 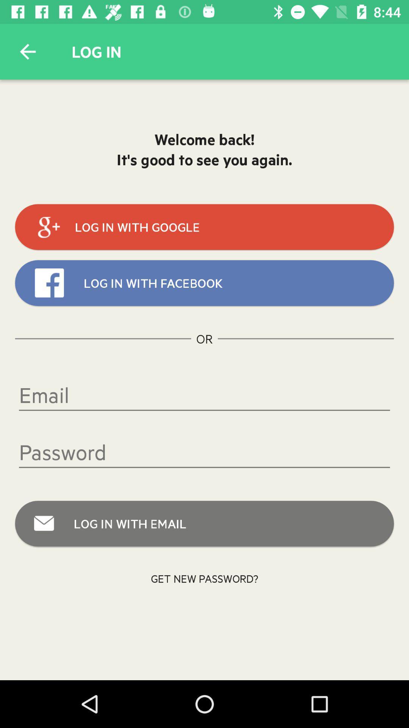 I want to click on the get new password?, so click(x=204, y=578).